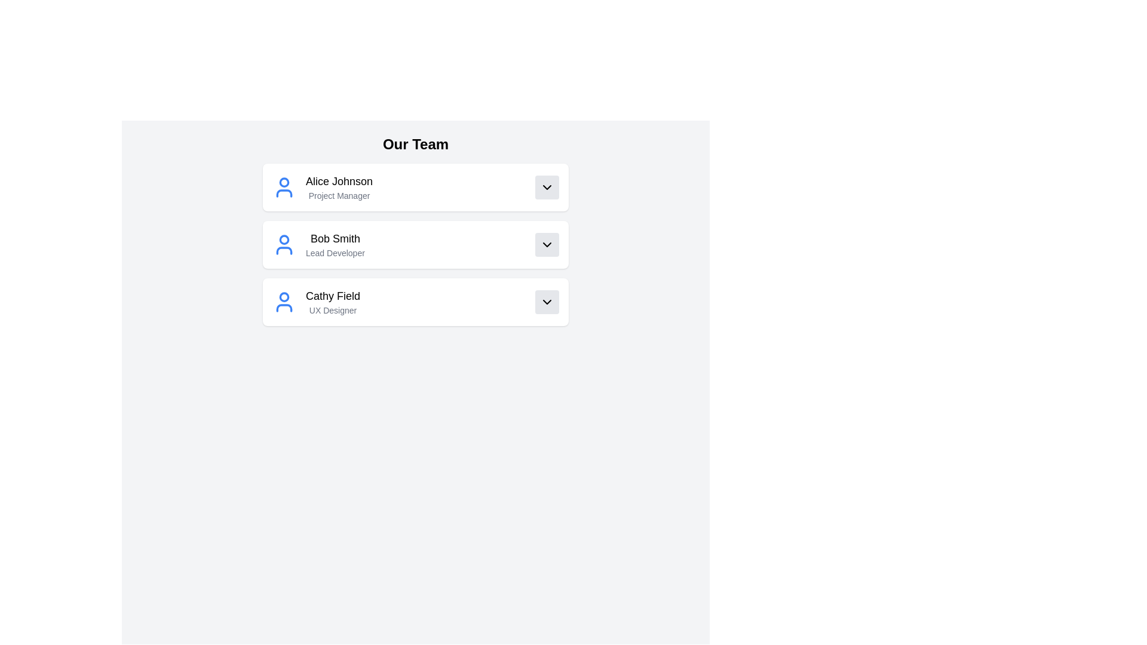  Describe the element at coordinates (283, 187) in the screenshot. I see `the icon representing team member Alice Johnson, located to the left of her name and title within the team roster card layout` at that location.